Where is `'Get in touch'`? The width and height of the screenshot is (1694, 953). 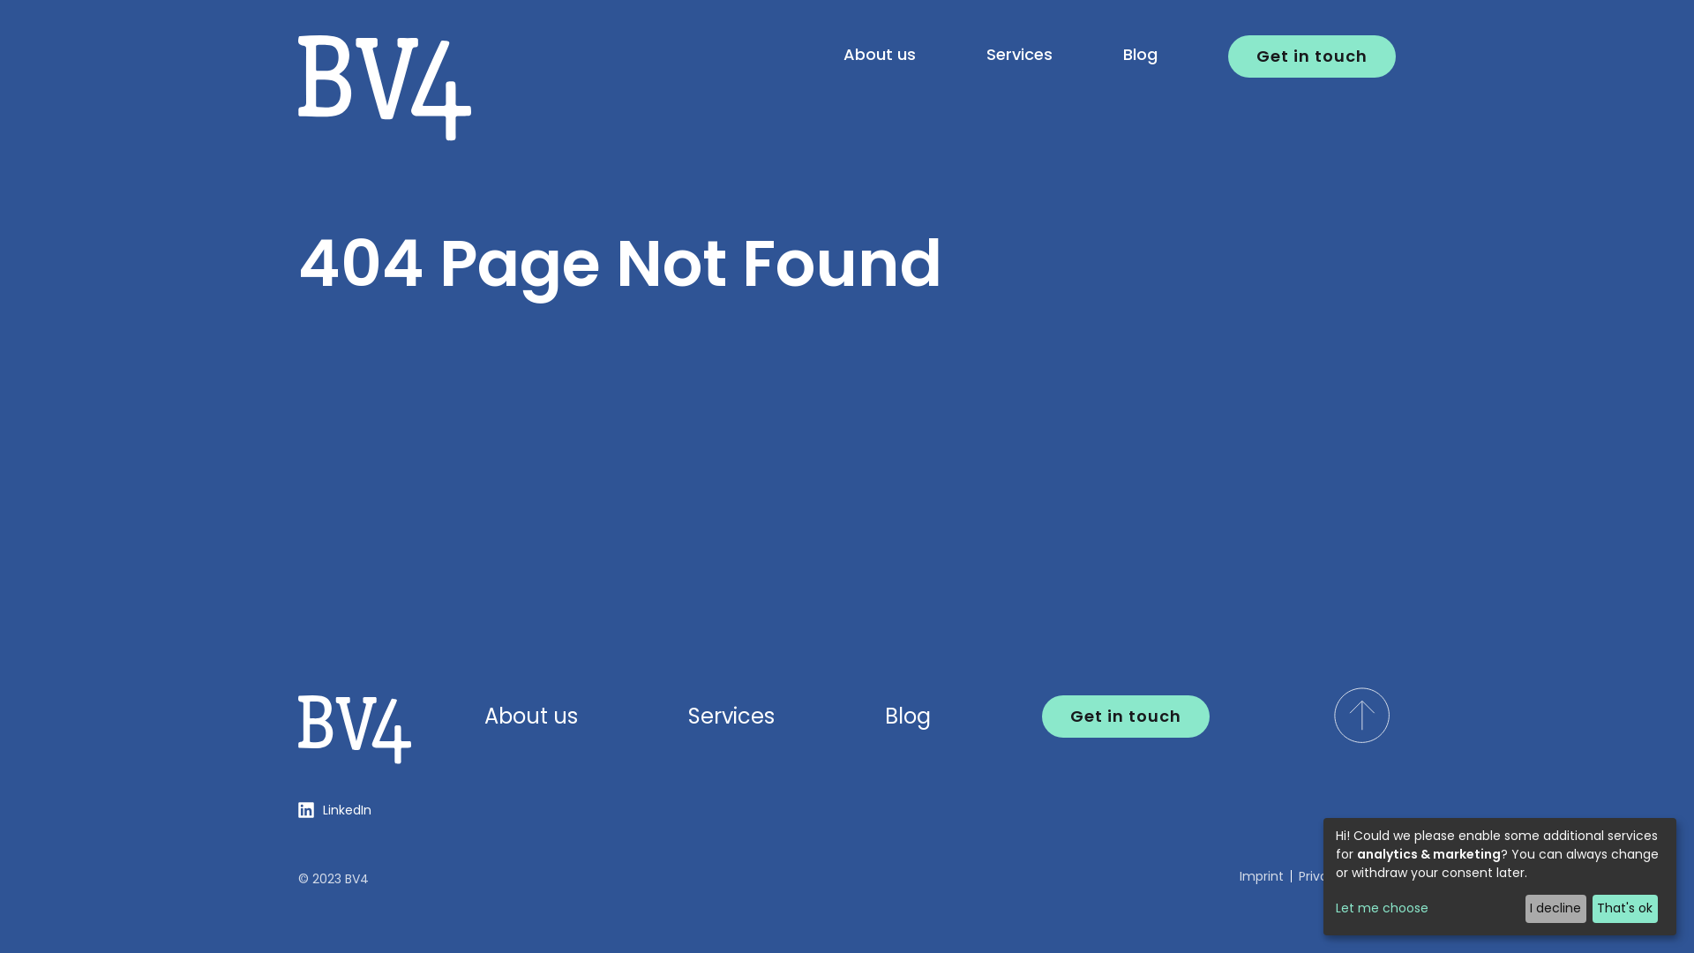
'Get in touch' is located at coordinates (1312, 56).